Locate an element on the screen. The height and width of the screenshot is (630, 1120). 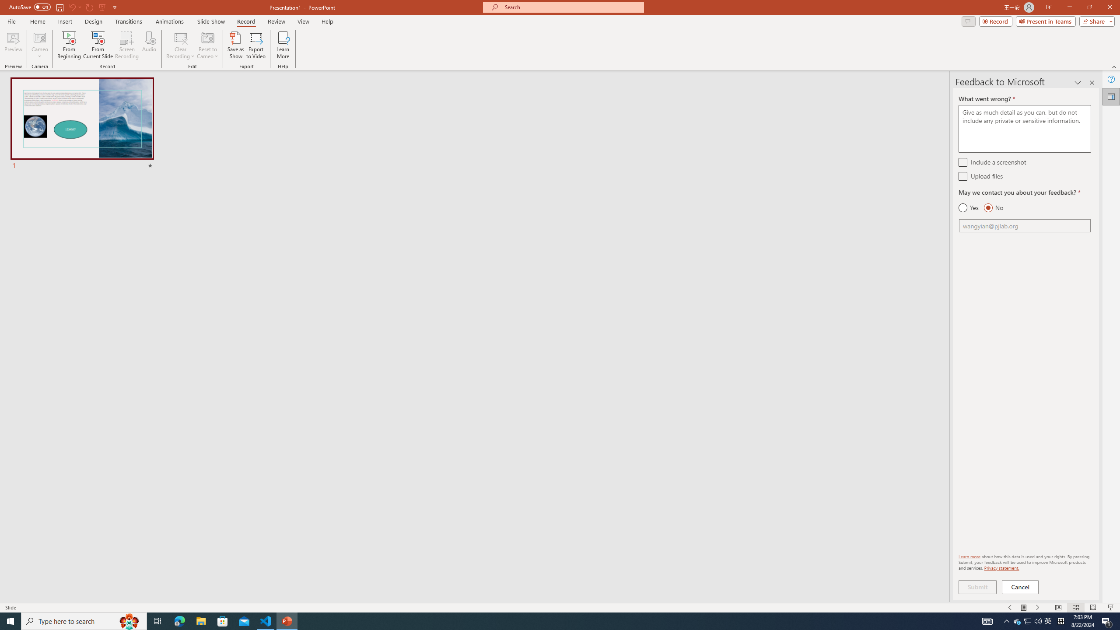
'Yes' is located at coordinates (968, 207).